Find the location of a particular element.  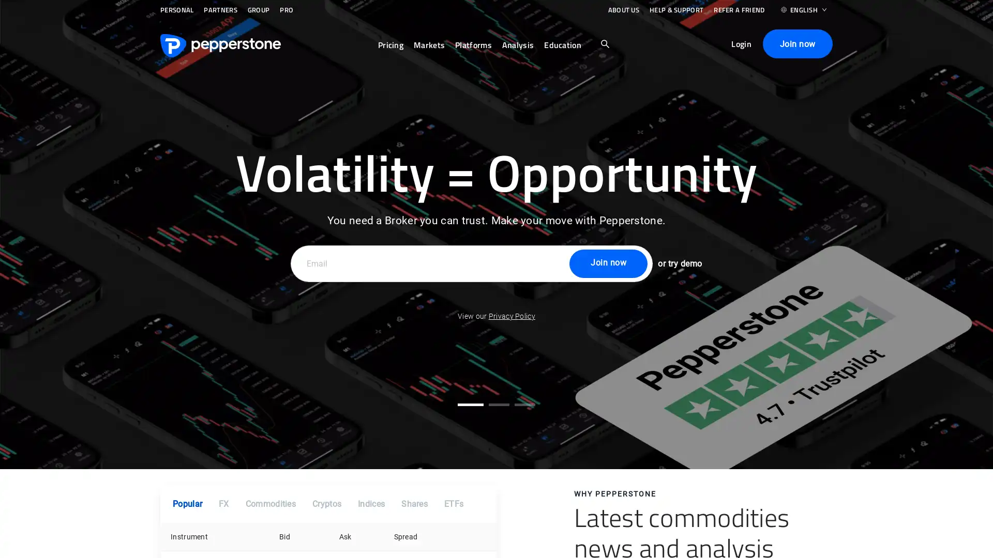

ENGLISH down is located at coordinates (803, 12).